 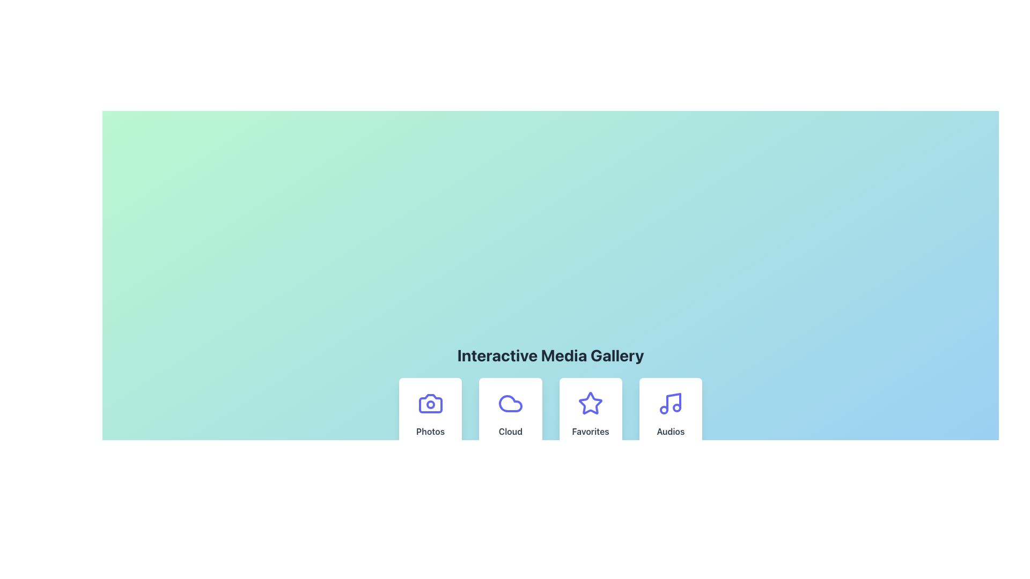 I want to click on the cloud icon, which is the second icon from the left in the bottom row titled 'Interactive Media Gallery', for interaction, so click(x=510, y=403).